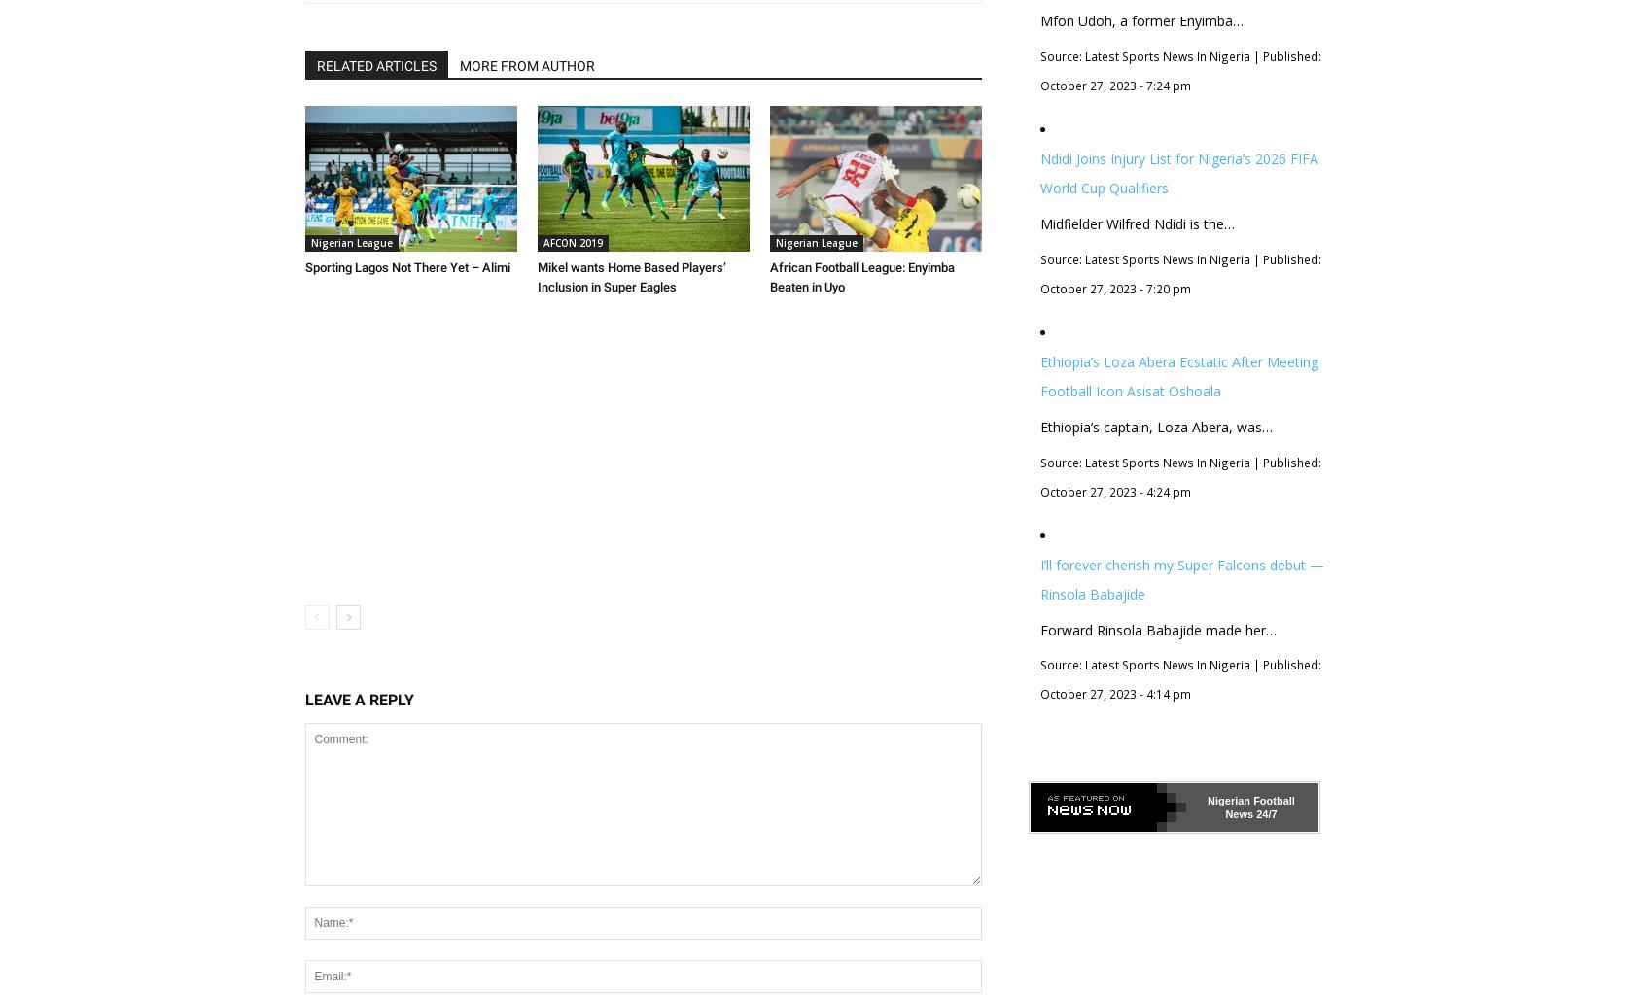 Image resolution: width=1648 pixels, height=995 pixels. What do you see at coordinates (1136, 222) in the screenshot?
I see `'Midfielder Wilfred Ndidi is the…'` at bounding box center [1136, 222].